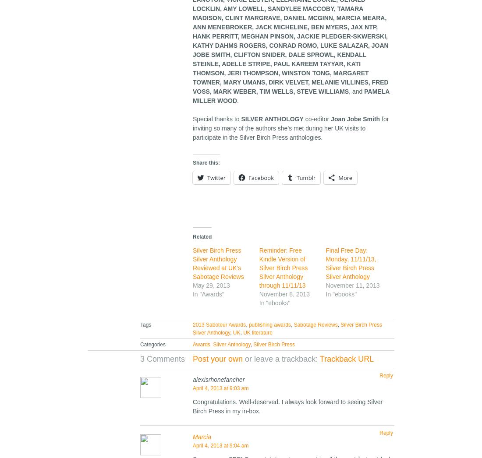 The image size is (482, 458). What do you see at coordinates (315, 324) in the screenshot?
I see `'Sabotage Reviews'` at bounding box center [315, 324].